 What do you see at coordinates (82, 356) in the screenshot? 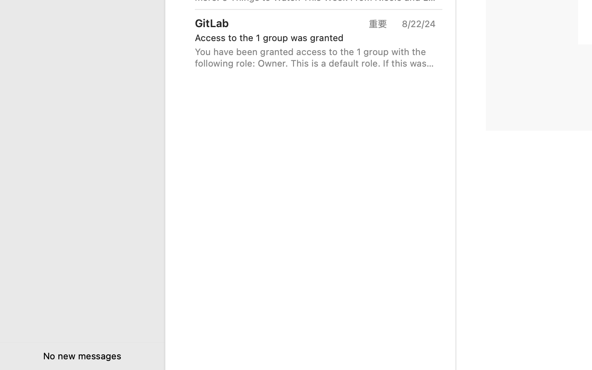
I see `'No new messages'` at bounding box center [82, 356].